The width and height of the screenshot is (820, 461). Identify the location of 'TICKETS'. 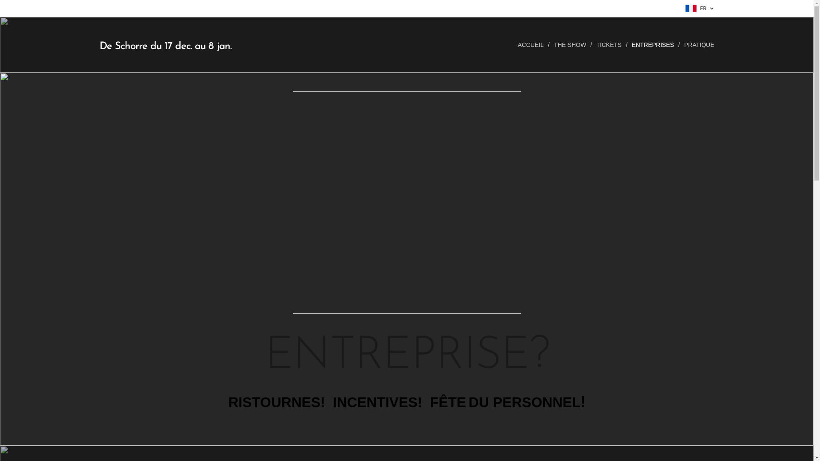
(609, 44).